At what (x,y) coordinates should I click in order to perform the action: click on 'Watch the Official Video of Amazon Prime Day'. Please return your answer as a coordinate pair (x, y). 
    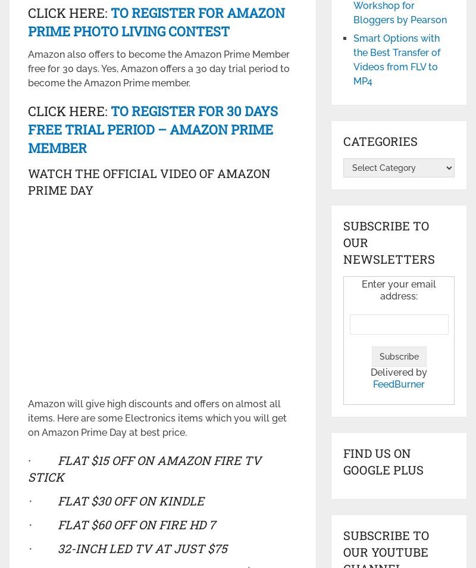
    Looking at the image, I should click on (27, 181).